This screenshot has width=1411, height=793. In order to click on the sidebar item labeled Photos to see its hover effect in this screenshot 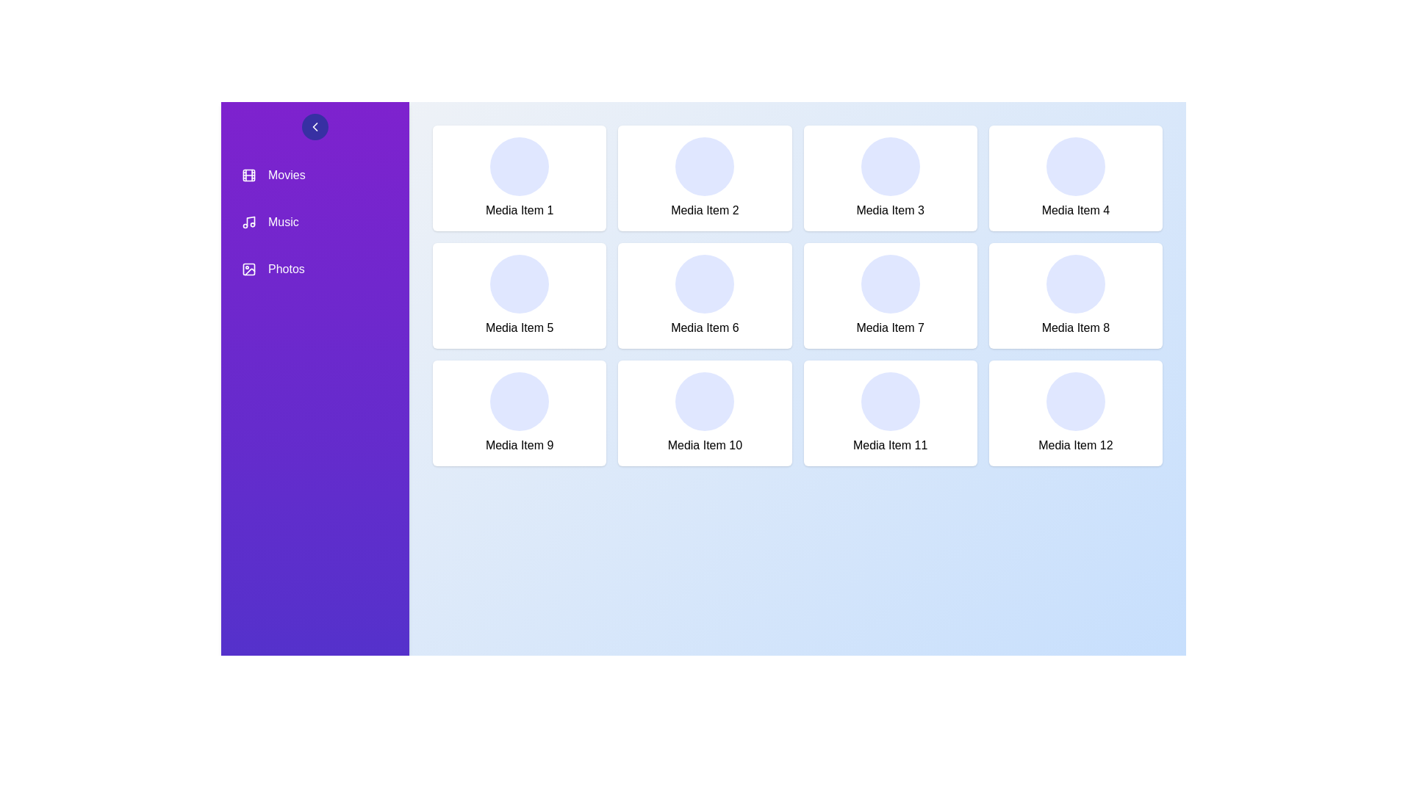, I will do `click(314, 269)`.